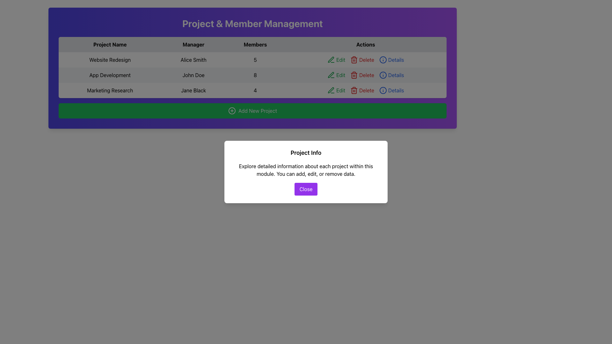 This screenshot has height=344, width=612. What do you see at coordinates (362, 90) in the screenshot?
I see `the delete button located in the 'Actions' column of the 'Project Management' table to initiate the deletion of the related project entry` at bounding box center [362, 90].